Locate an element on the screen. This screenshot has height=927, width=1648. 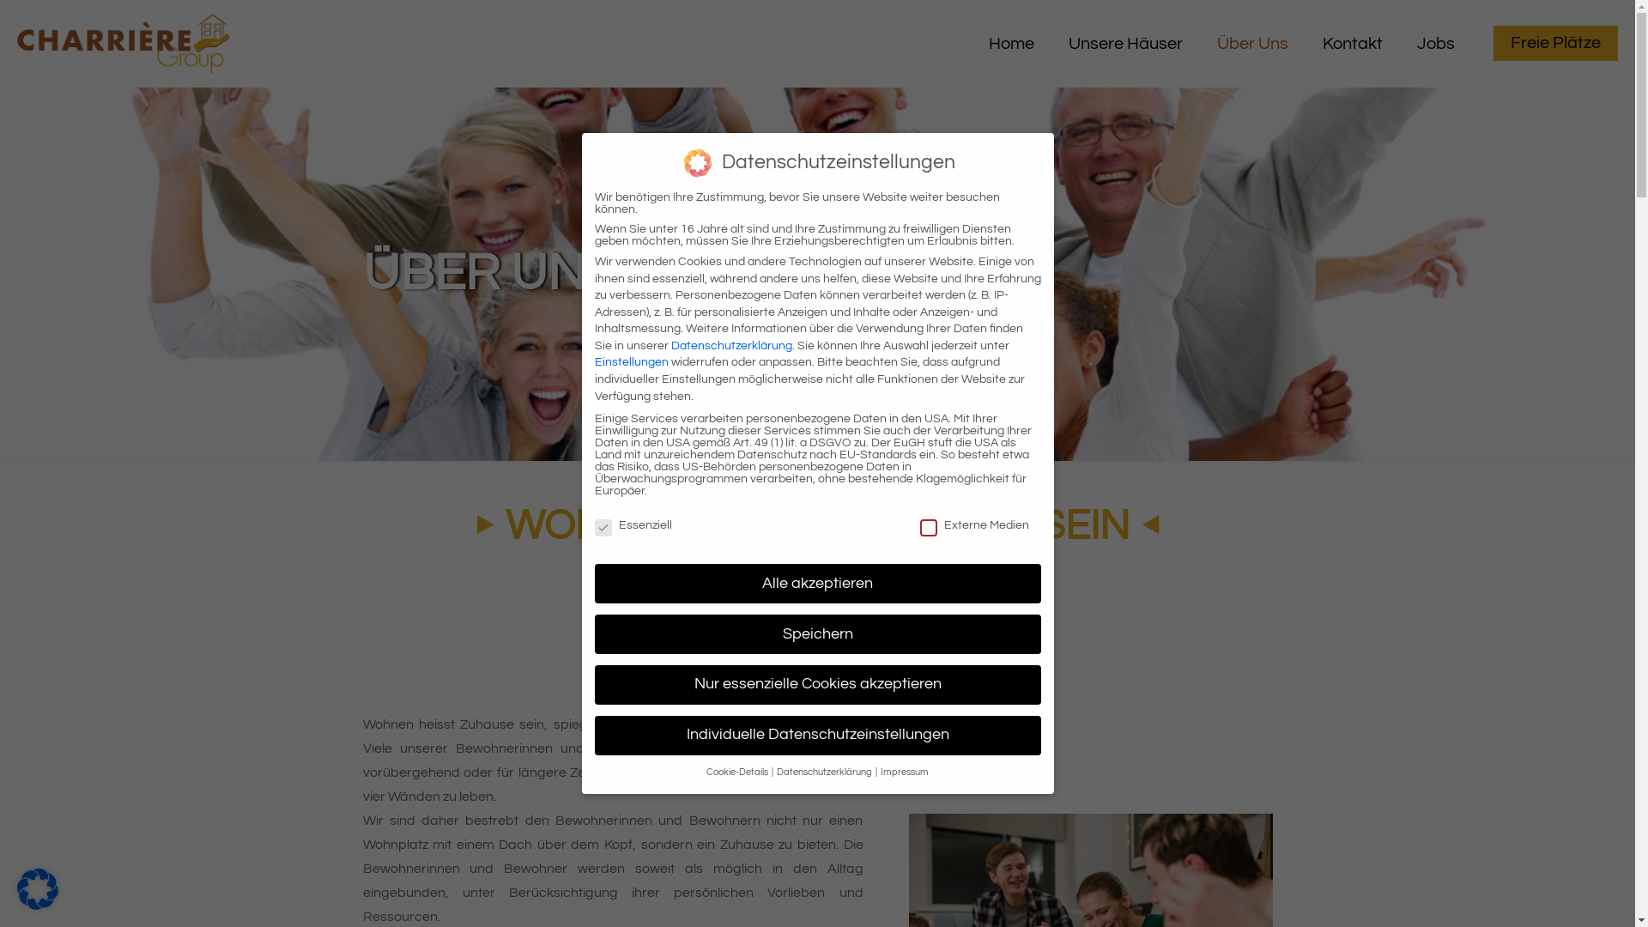
'Impressum' is located at coordinates (904, 771).